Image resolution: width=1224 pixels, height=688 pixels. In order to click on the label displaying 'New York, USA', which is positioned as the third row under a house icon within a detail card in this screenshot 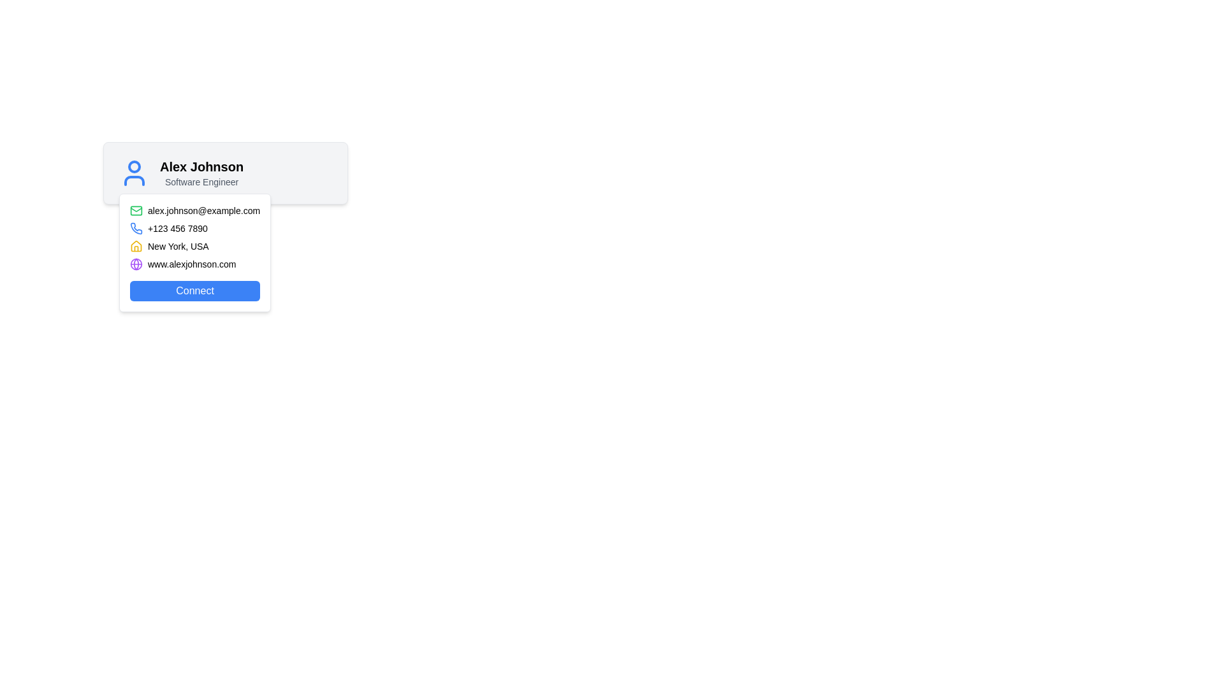, I will do `click(177, 246)`.